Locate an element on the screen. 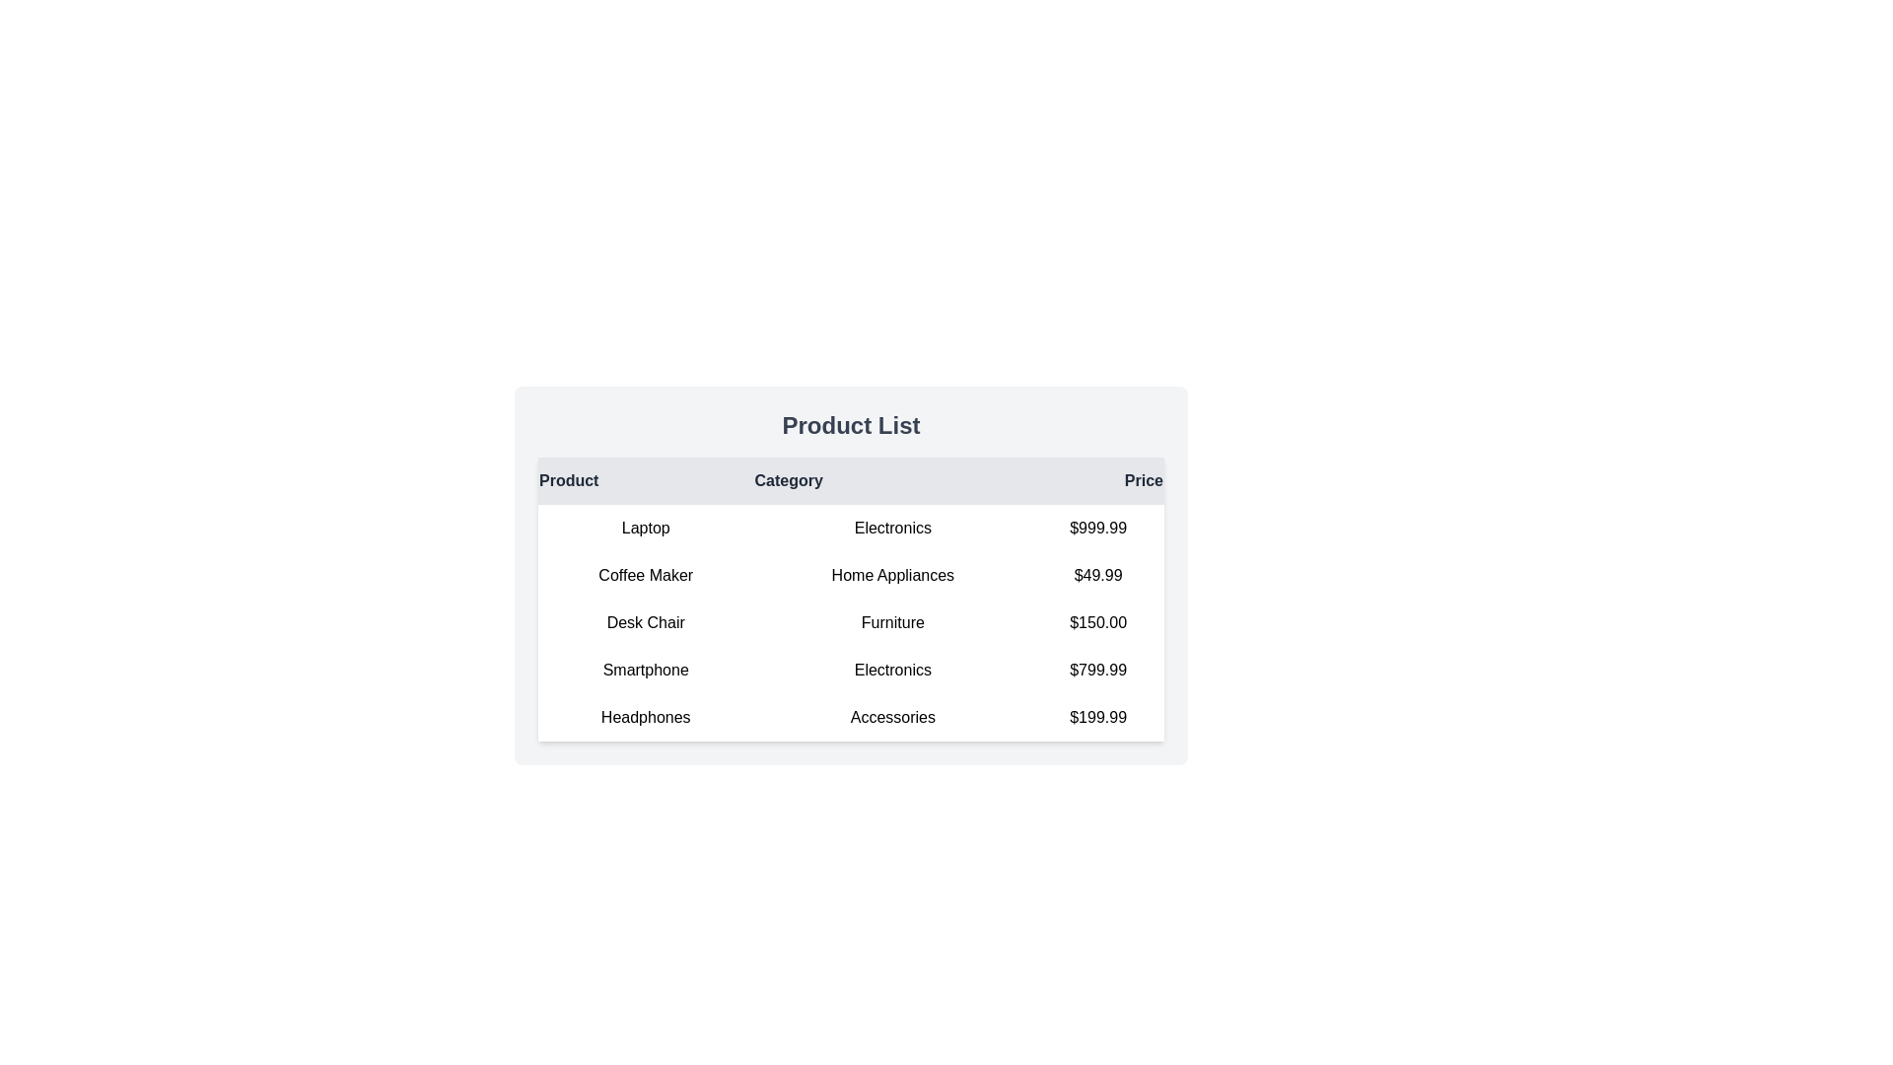 This screenshot has height=1065, width=1893. the 'Desk Chair' text label in the 'Product' column of the product list table is located at coordinates (646, 623).